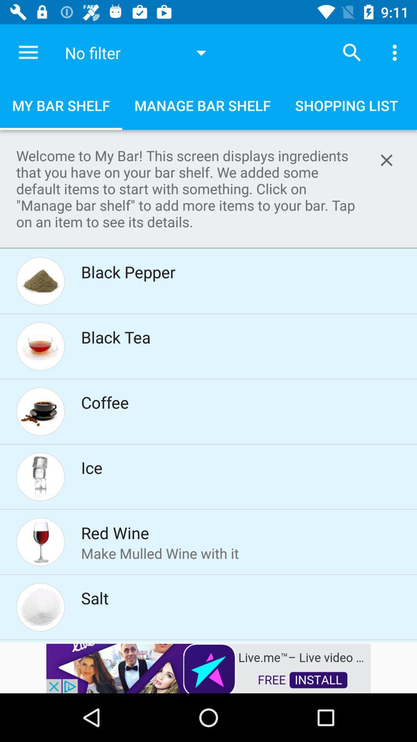  What do you see at coordinates (40, 411) in the screenshot?
I see `tap on the image that has the text coffee next to it` at bounding box center [40, 411].